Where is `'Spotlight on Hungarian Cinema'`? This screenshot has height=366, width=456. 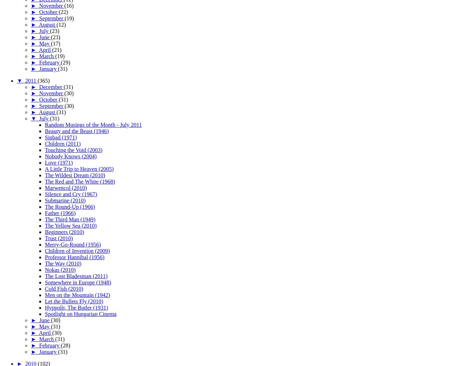
'Spotlight on Hungarian Cinema' is located at coordinates (80, 313).